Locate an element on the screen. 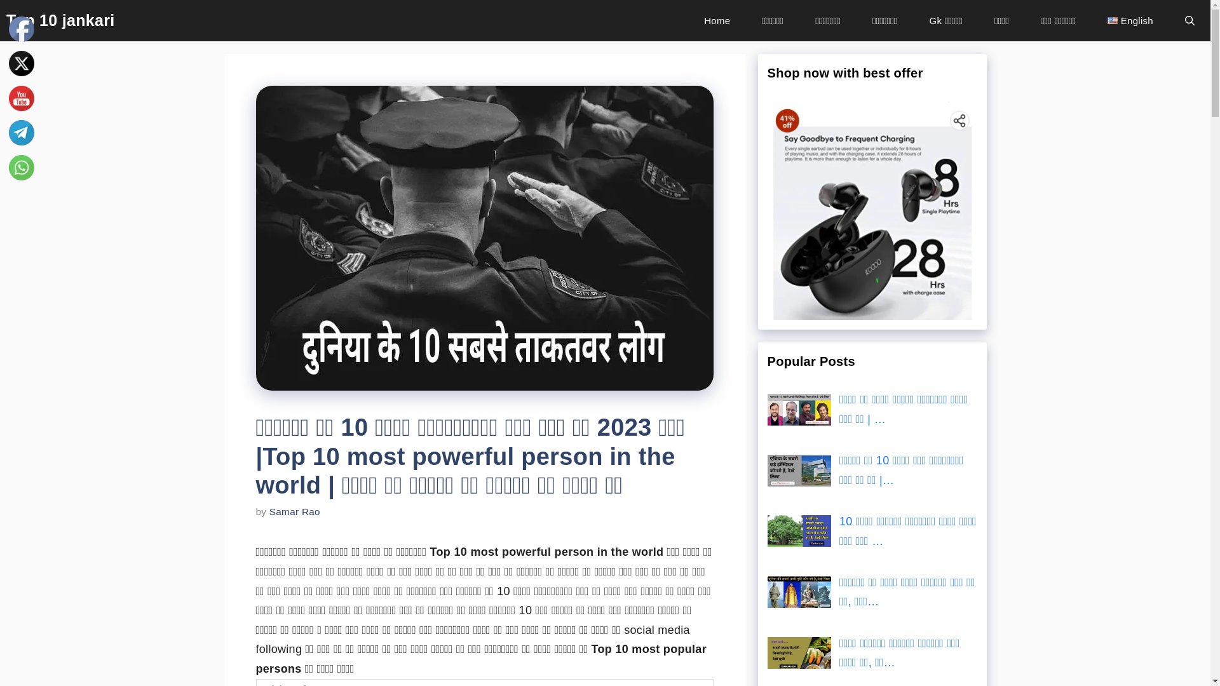 The width and height of the screenshot is (1220, 686). 'Facebook' is located at coordinates (21, 29).